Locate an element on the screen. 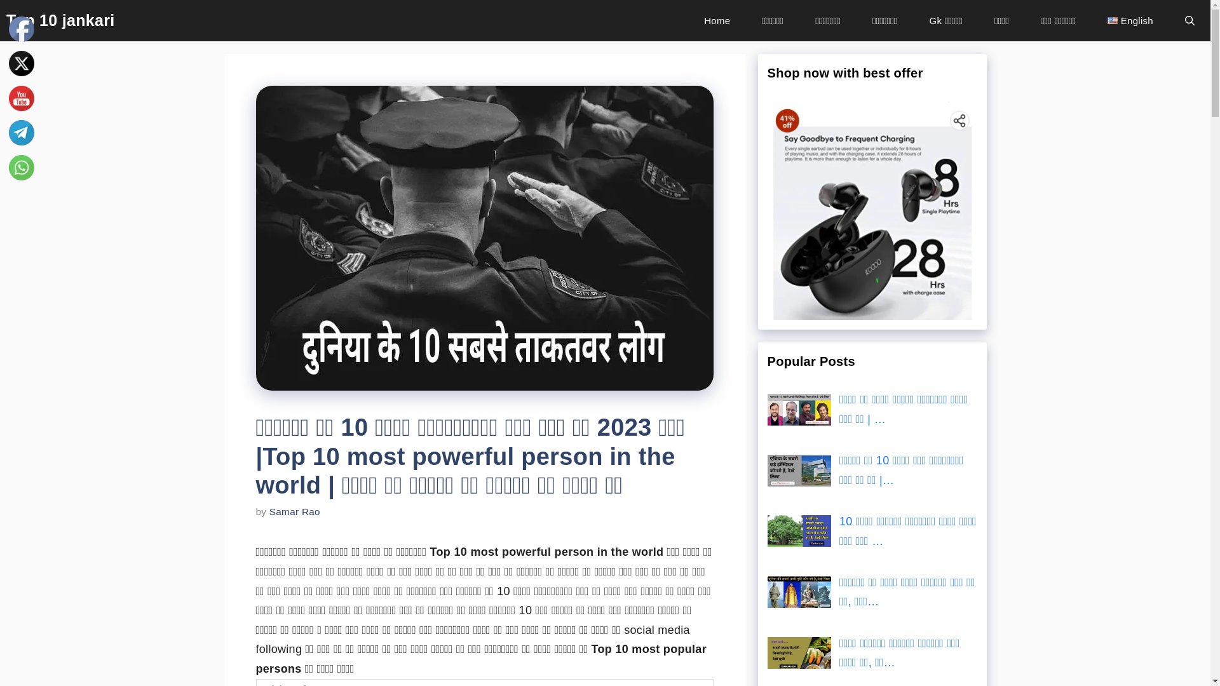 The width and height of the screenshot is (1220, 686). 'Facebook' is located at coordinates (21, 29).